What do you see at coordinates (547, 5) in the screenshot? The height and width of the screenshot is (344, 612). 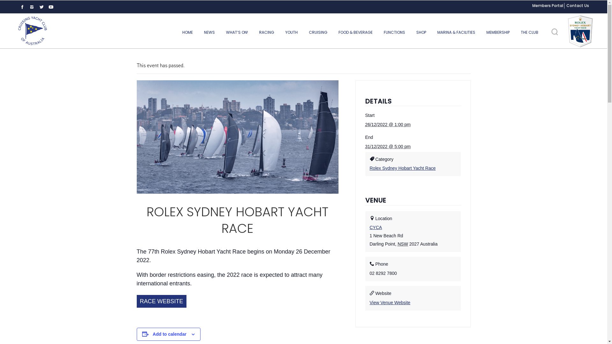 I see `'Members Portal'` at bounding box center [547, 5].